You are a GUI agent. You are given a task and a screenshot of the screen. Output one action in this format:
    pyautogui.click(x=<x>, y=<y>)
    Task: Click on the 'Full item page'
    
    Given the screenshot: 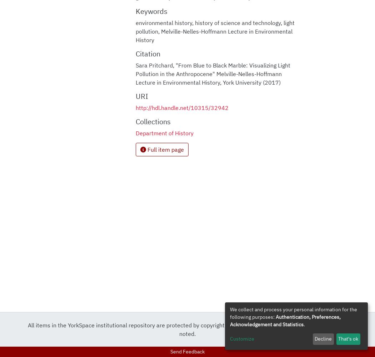 What is the action you would take?
    pyautogui.click(x=146, y=149)
    